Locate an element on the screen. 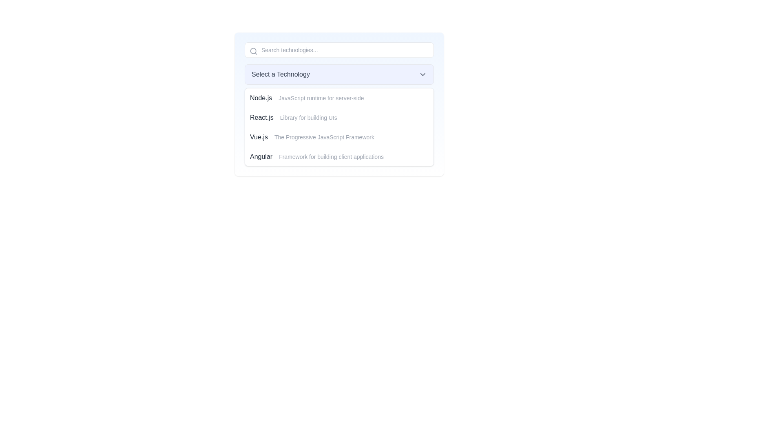  descriptive text that displays the phrase 'Library for building UIs', which is a smaller, gray-colored text component located beside the larger text 'React.js' in the 'Select a Technology' dropdown is located at coordinates (308, 118).